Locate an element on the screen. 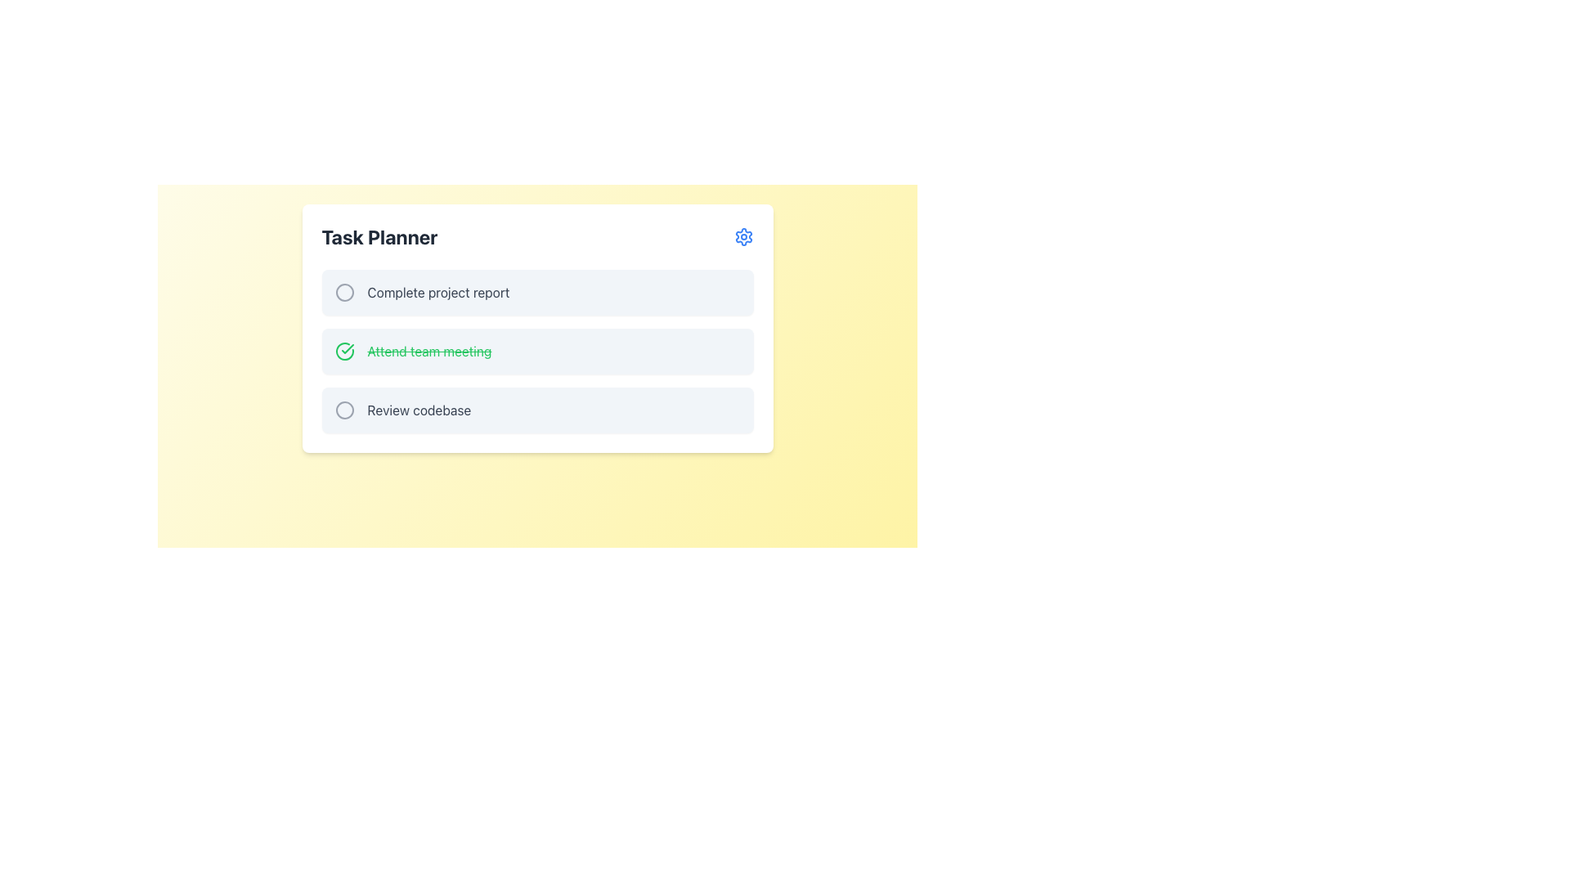 This screenshot has height=883, width=1570. the leftmost icon associated with the 'Attend team meeting' task is located at coordinates (343, 350).